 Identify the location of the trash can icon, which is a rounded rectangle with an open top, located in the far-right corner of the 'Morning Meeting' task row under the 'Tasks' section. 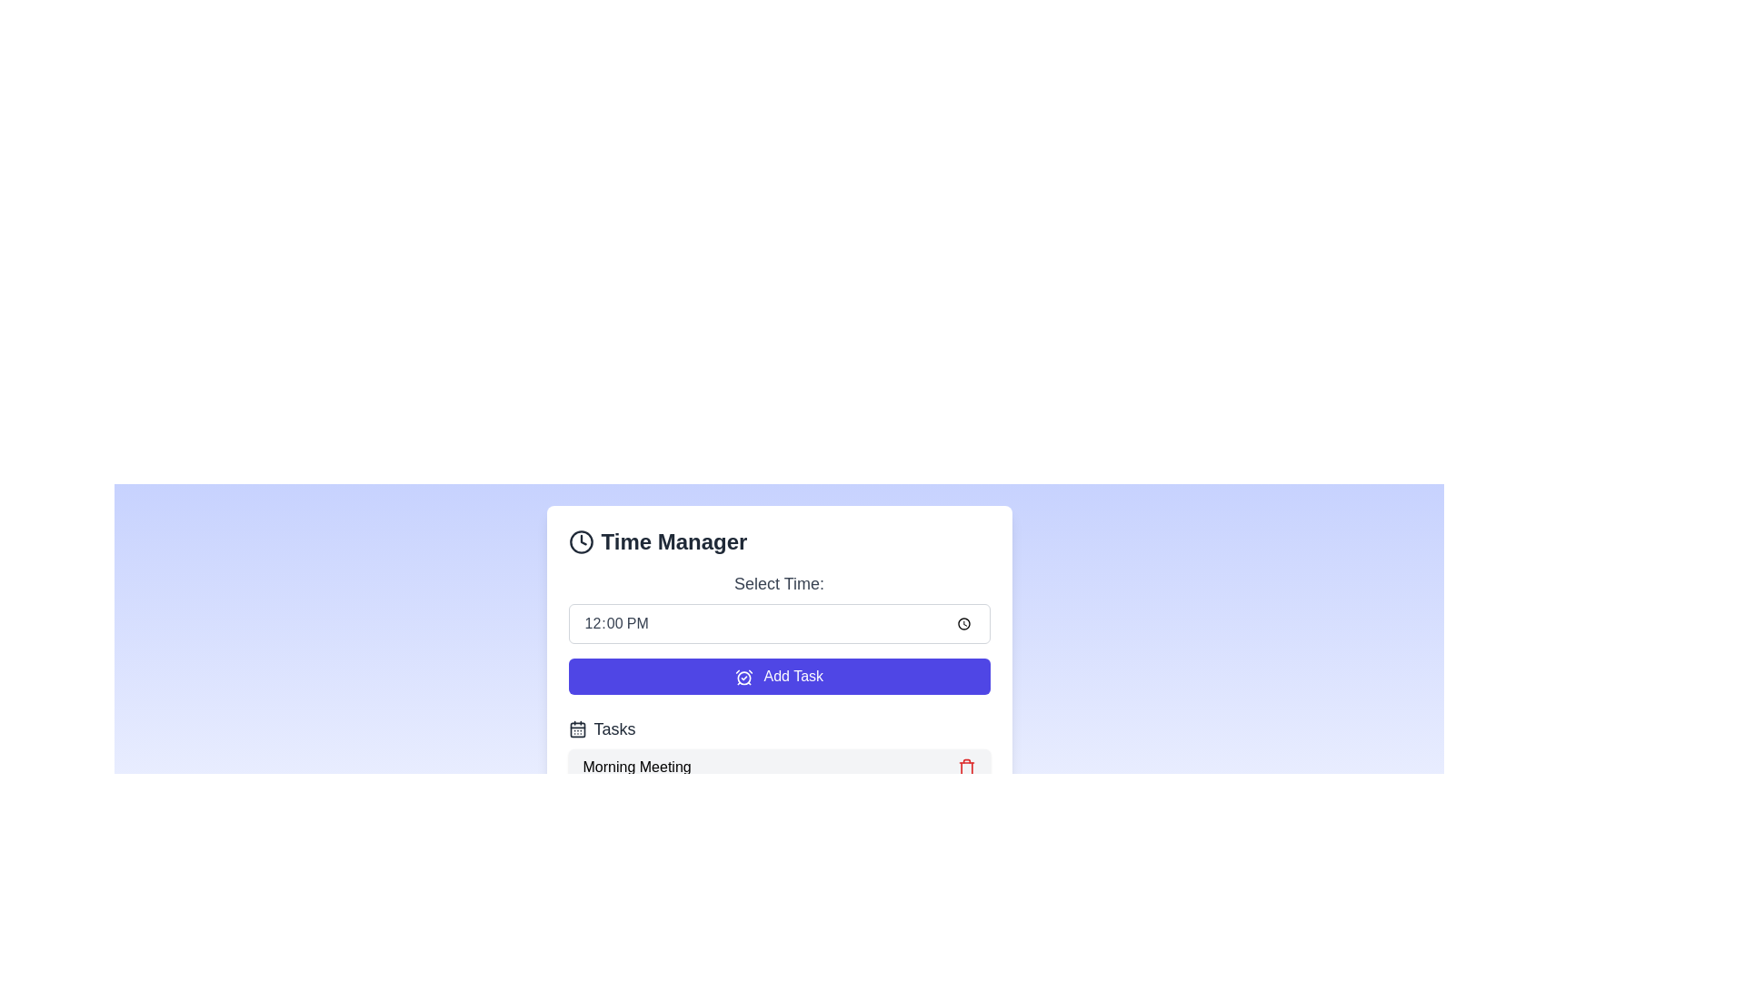
(965, 768).